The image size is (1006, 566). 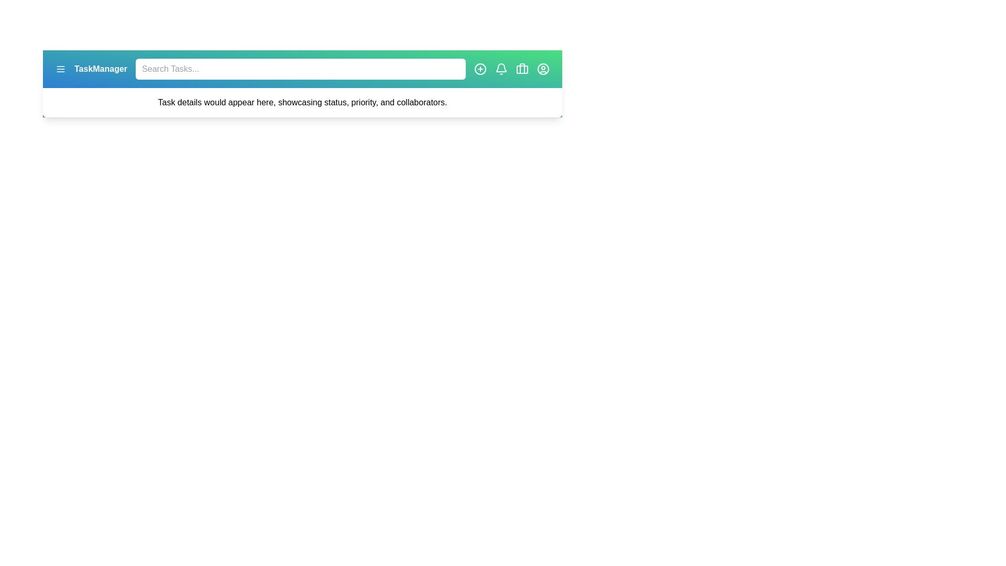 I want to click on the briefcase icon to open the task briefcase, so click(x=522, y=69).